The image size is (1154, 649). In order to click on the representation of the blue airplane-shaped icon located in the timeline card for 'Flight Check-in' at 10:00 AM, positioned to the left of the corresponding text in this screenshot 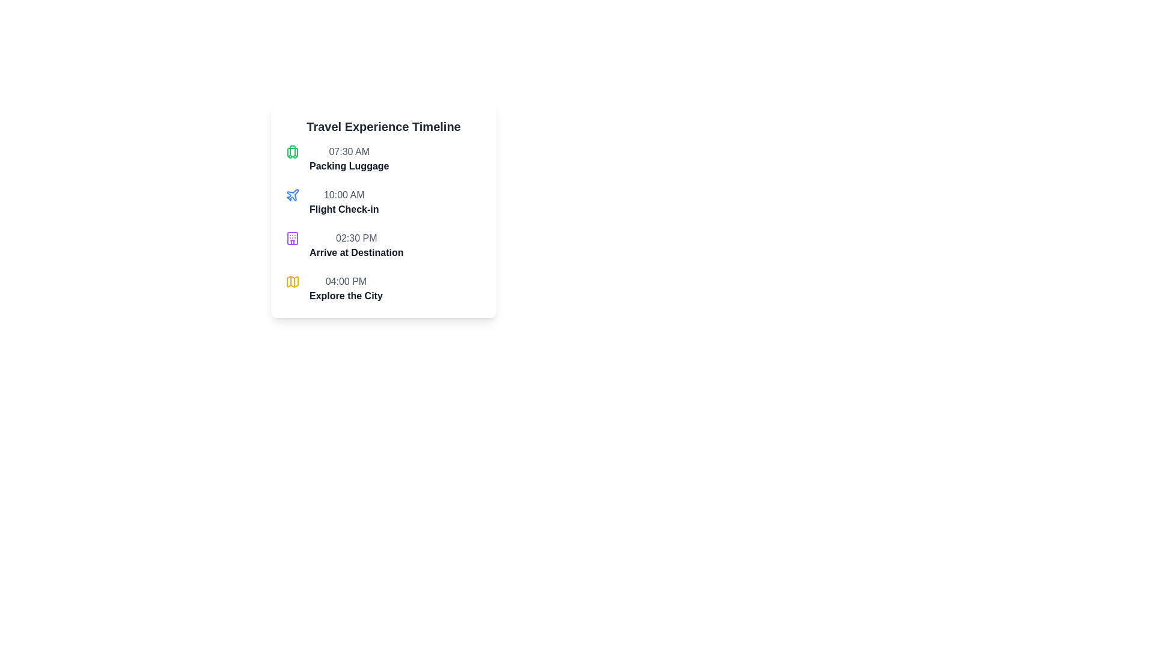, I will do `click(293, 194)`.